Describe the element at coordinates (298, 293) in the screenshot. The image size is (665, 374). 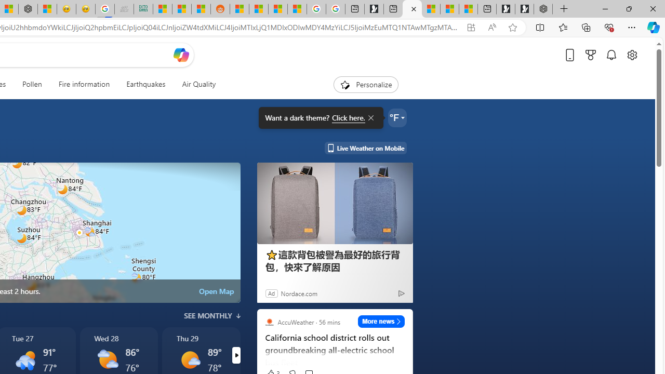
I see `'Nordace.com'` at that location.